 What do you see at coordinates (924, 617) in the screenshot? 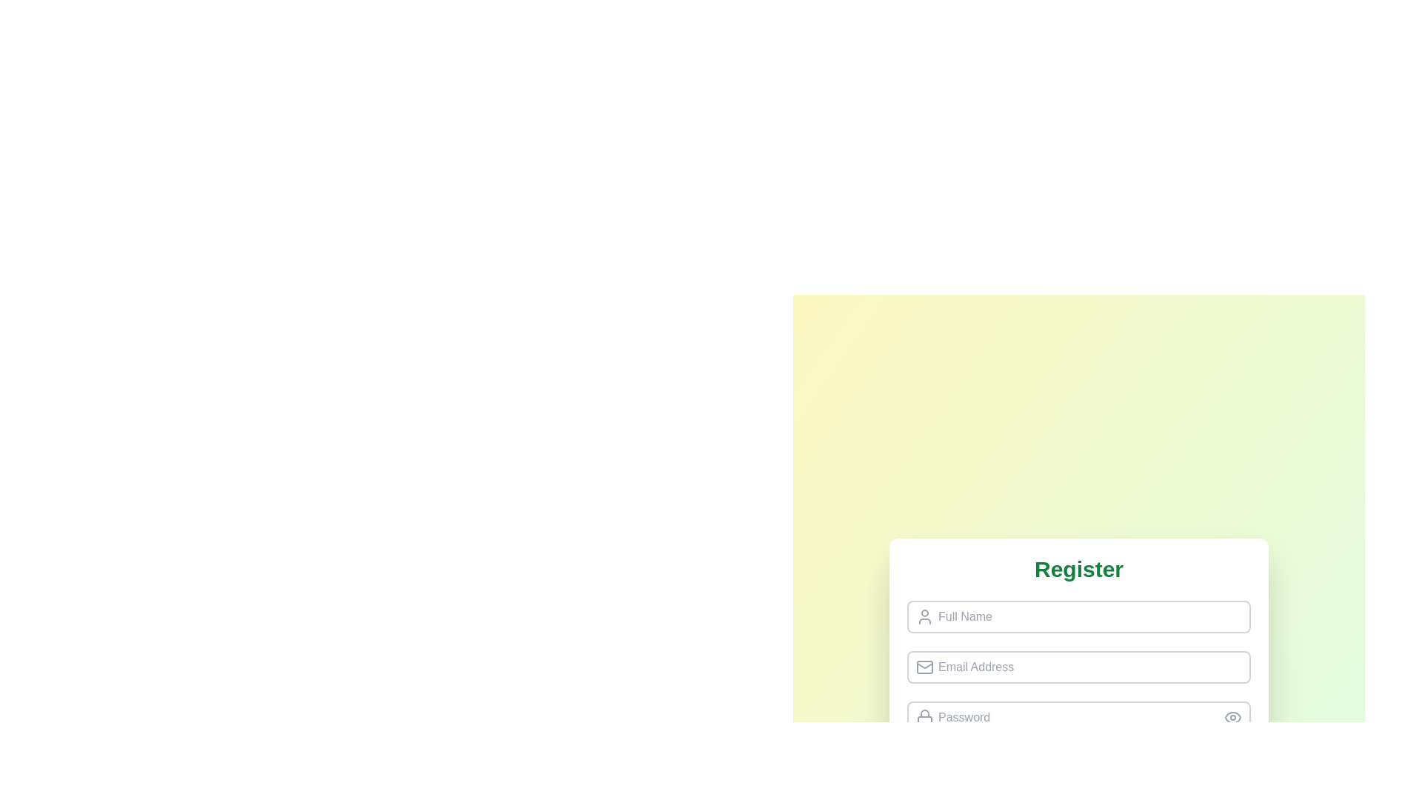
I see `the decorative icon associated with the 'Full Name' input field, positioned to the far left of the input field and vertically centered` at bounding box center [924, 617].